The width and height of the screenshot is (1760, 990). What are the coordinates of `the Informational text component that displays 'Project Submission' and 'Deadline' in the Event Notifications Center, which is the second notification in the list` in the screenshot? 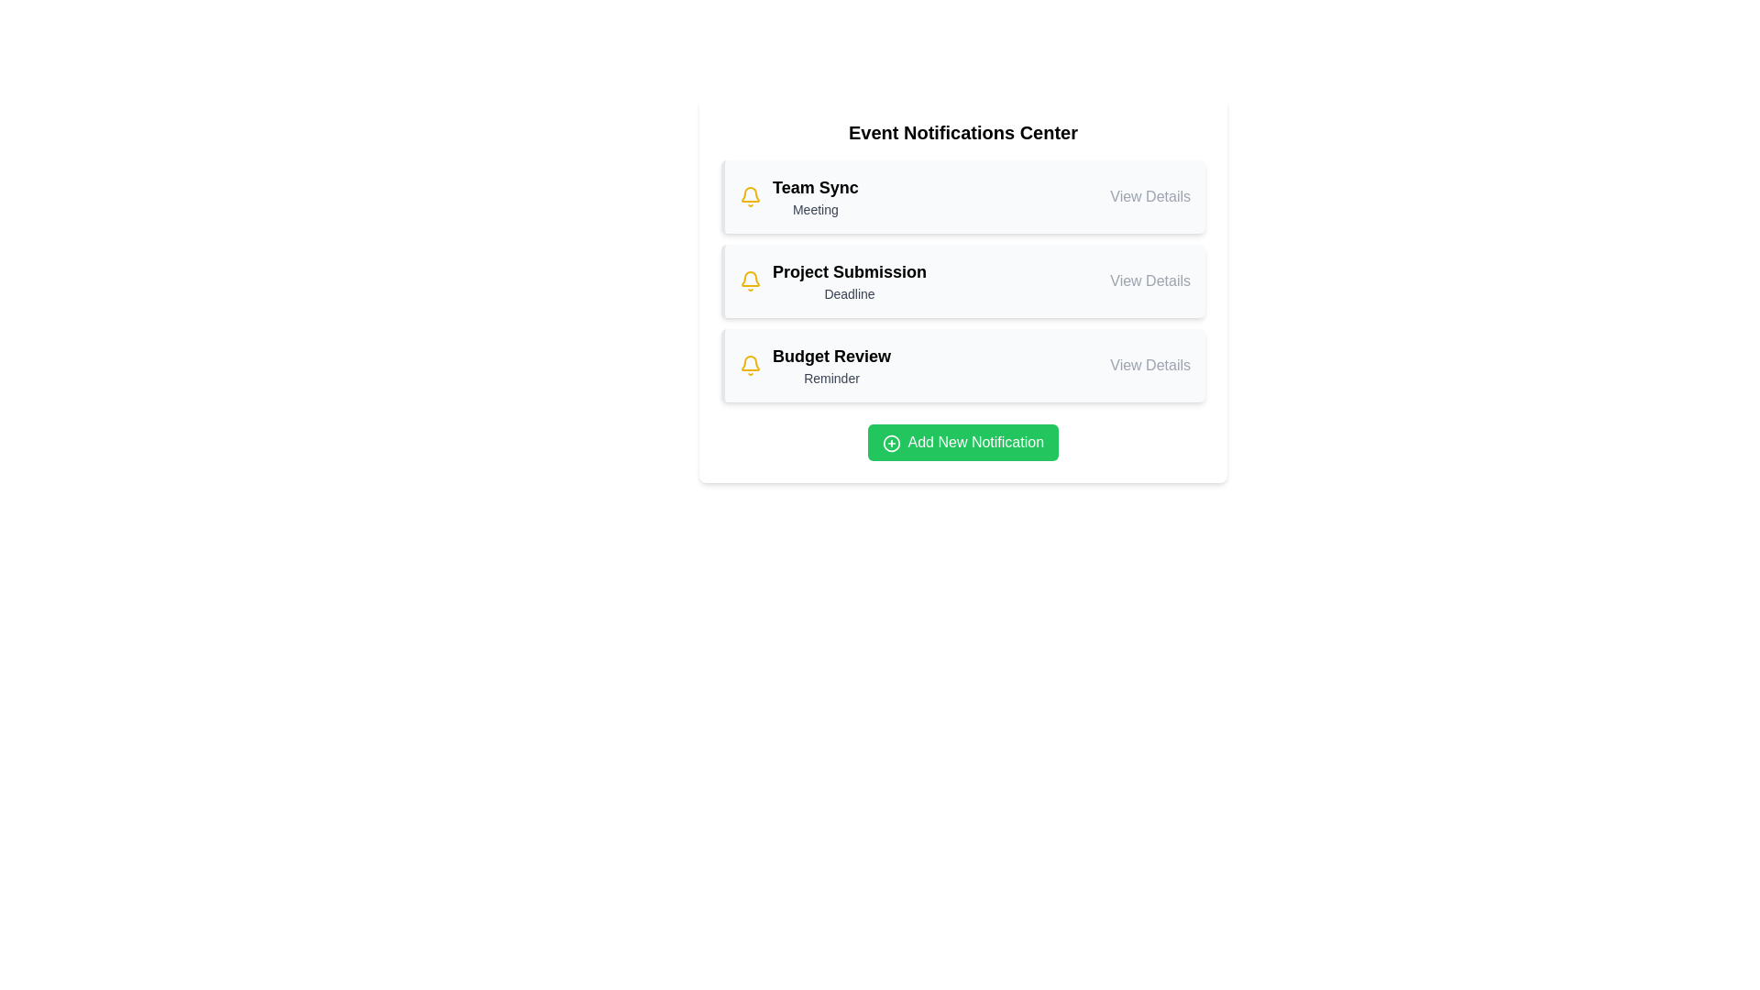 It's located at (848, 281).